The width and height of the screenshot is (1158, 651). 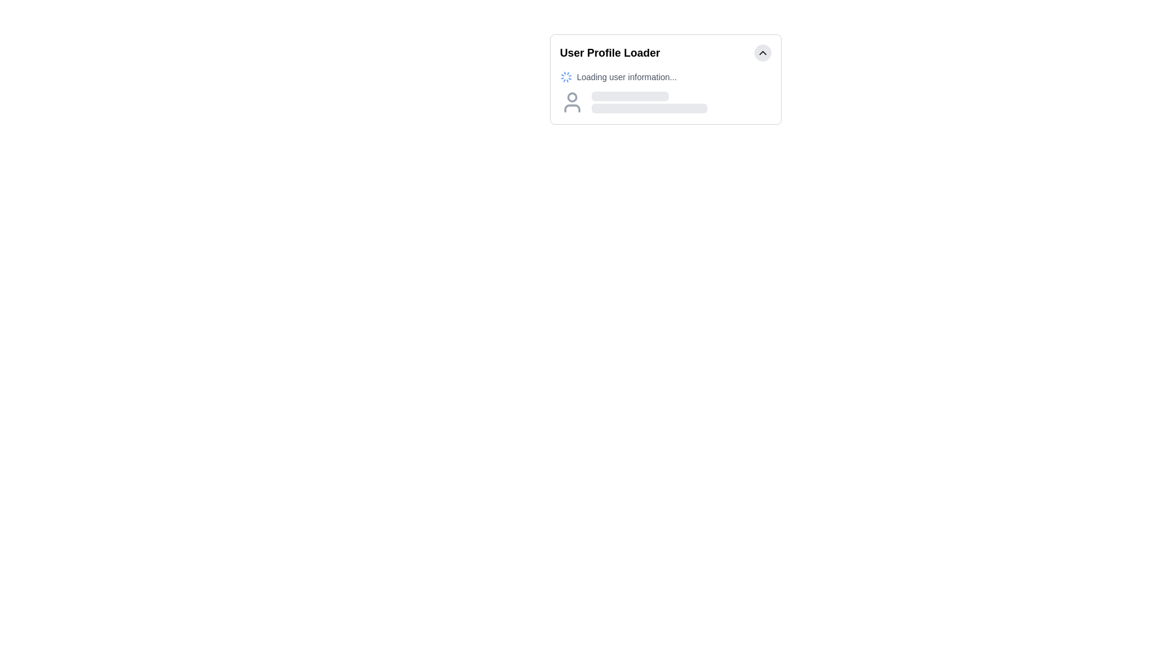 What do you see at coordinates (565, 77) in the screenshot?
I see `the spinning blue loader icon located next to the text 'Loading user information...' in the 'User Profile Loader' card` at bounding box center [565, 77].